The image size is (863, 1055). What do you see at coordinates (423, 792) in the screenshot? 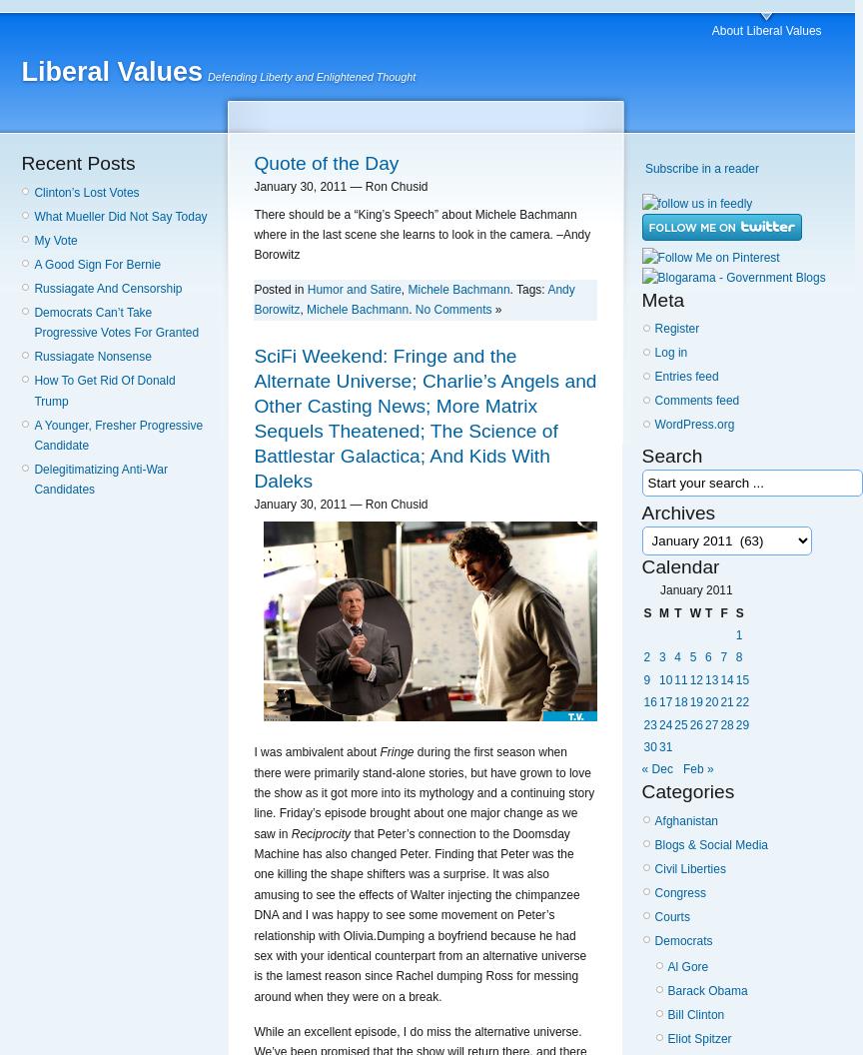
I see `'during the first season when there were primarily stand-alone stories, but have grown to love the show as it got more into its mythology and a continuing story line. Friday’s episode brought about one major change as we saw in'` at bounding box center [423, 792].